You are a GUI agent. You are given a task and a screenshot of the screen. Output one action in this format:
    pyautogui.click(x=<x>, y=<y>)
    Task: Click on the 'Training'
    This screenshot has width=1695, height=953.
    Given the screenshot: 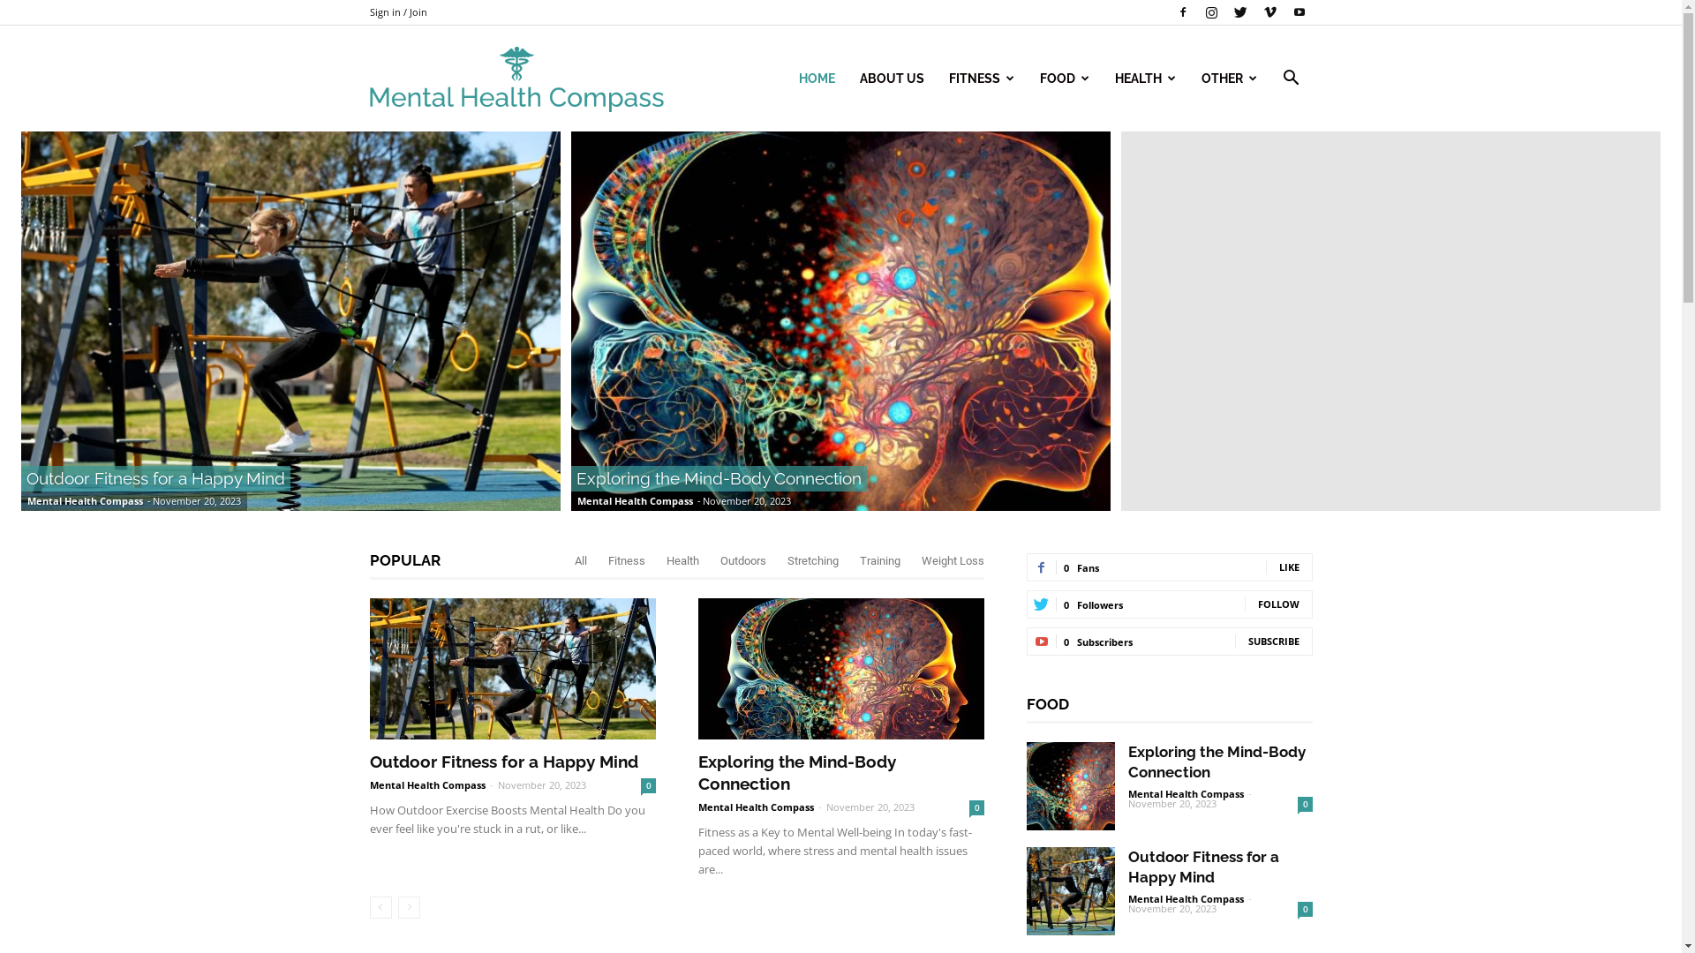 What is the action you would take?
    pyautogui.click(x=880, y=560)
    